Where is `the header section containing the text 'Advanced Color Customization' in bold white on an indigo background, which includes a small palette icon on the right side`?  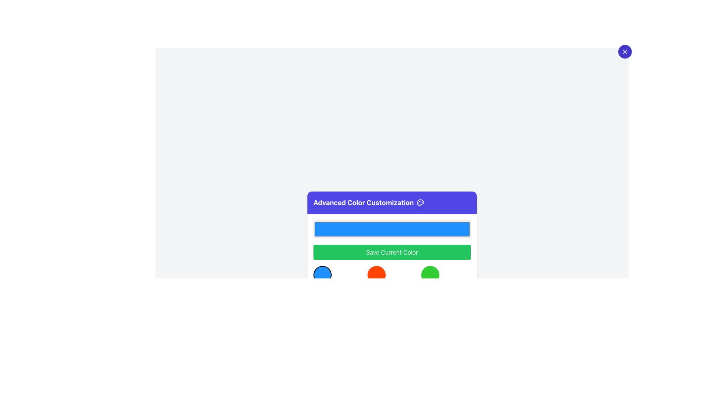
the header section containing the text 'Advanced Color Customization' in bold white on an indigo background, which includes a small palette icon on the right side is located at coordinates (392, 202).